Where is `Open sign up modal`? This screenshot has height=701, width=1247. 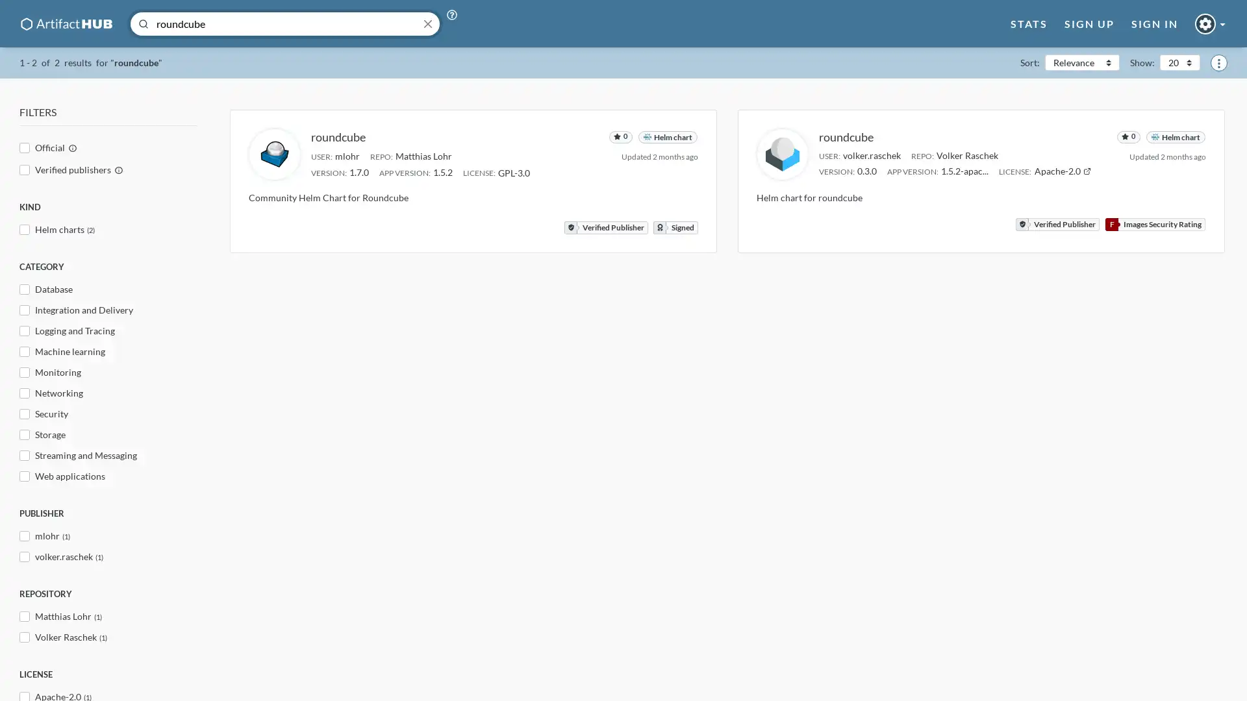
Open sign up modal is located at coordinates (1089, 23).